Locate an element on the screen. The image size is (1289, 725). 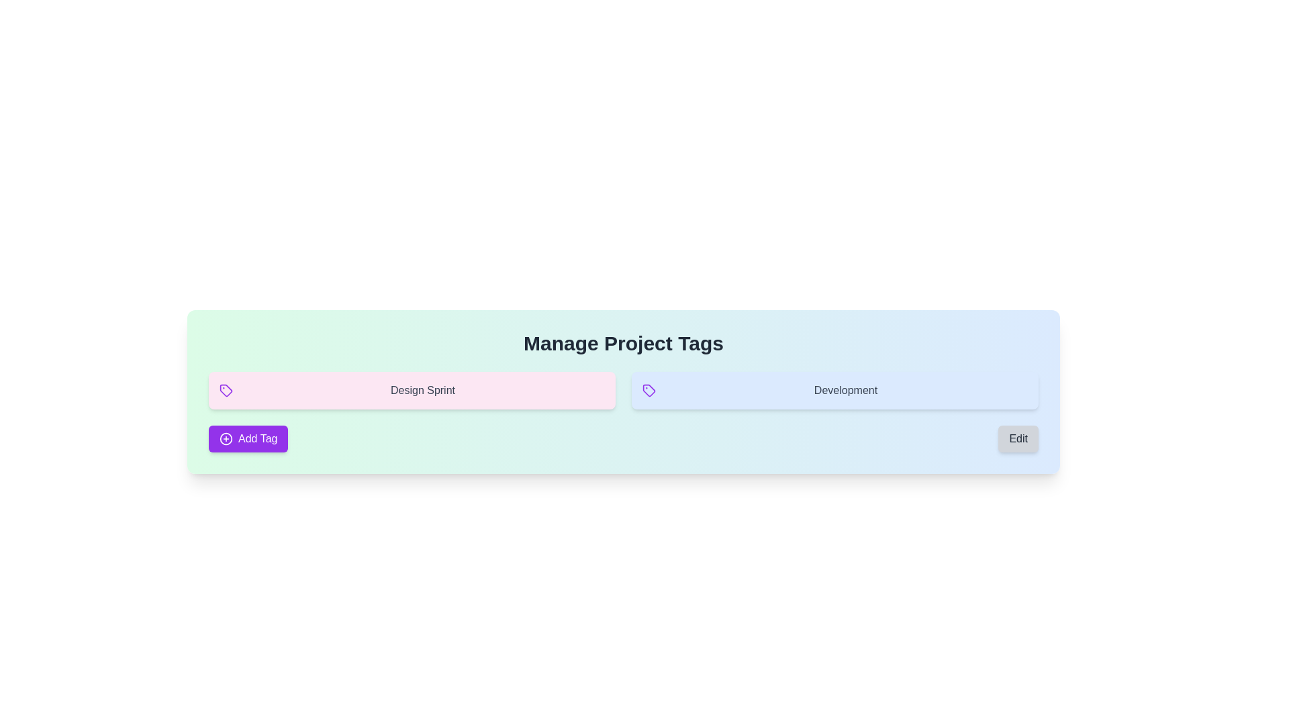
the purple 'Add Tag' button with a white font is located at coordinates (248, 439).